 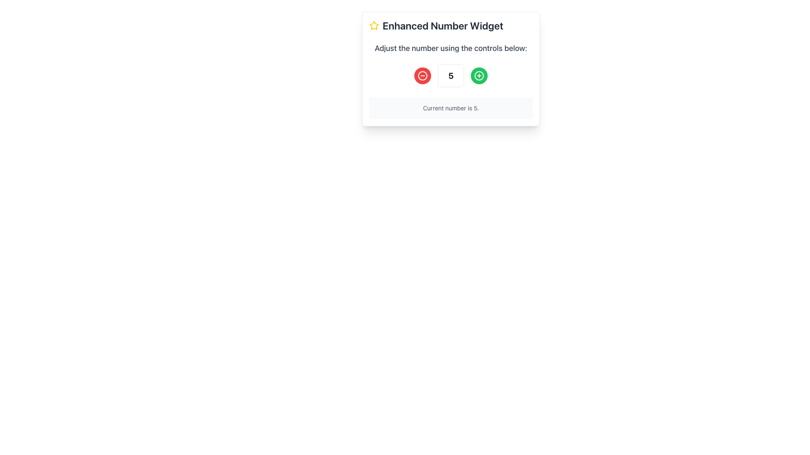 I want to click on the button that decreases the number value, located to the left of the number display '5', to observe the hover effect, so click(x=422, y=76).